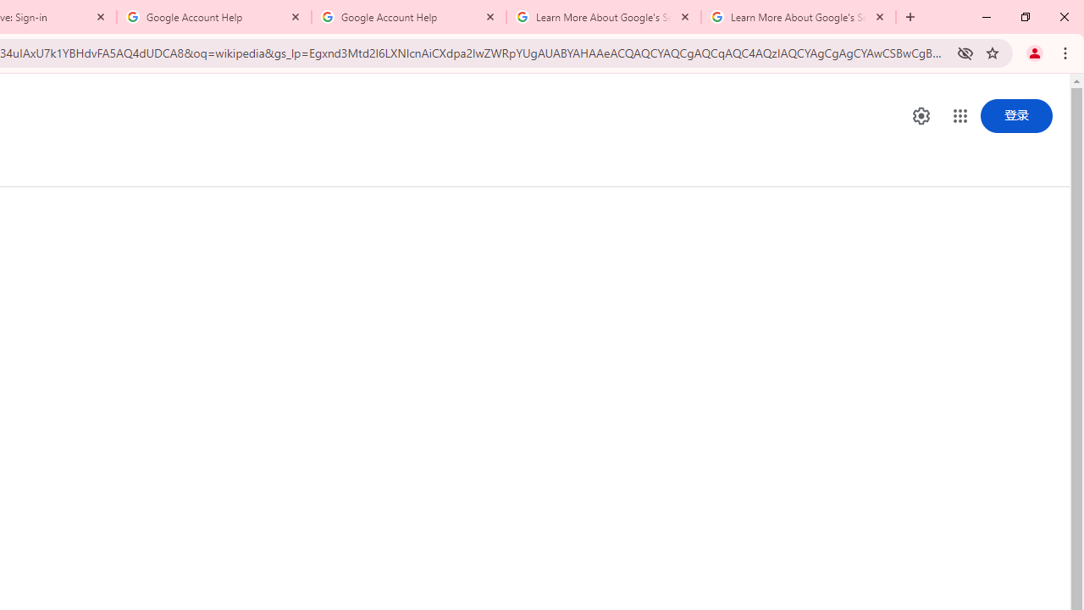 This screenshot has height=610, width=1084. What do you see at coordinates (910, 17) in the screenshot?
I see `'New Tab'` at bounding box center [910, 17].